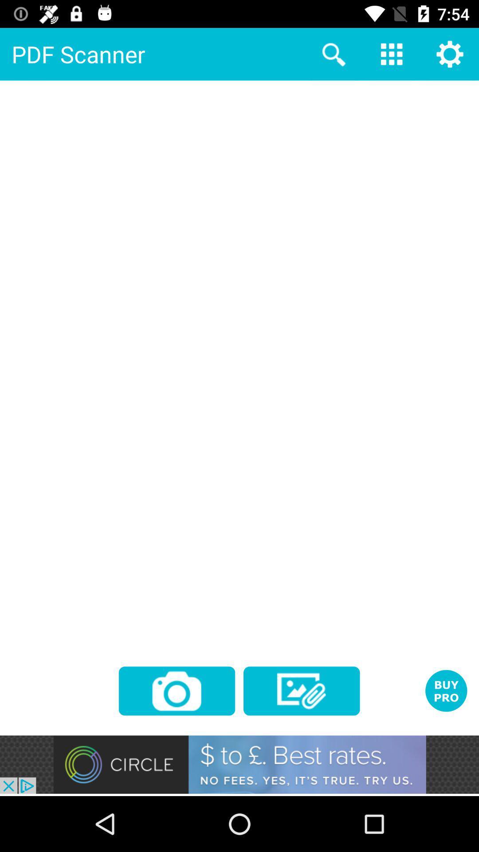 The height and width of the screenshot is (852, 479). What do you see at coordinates (446, 690) in the screenshot?
I see `to buy` at bounding box center [446, 690].